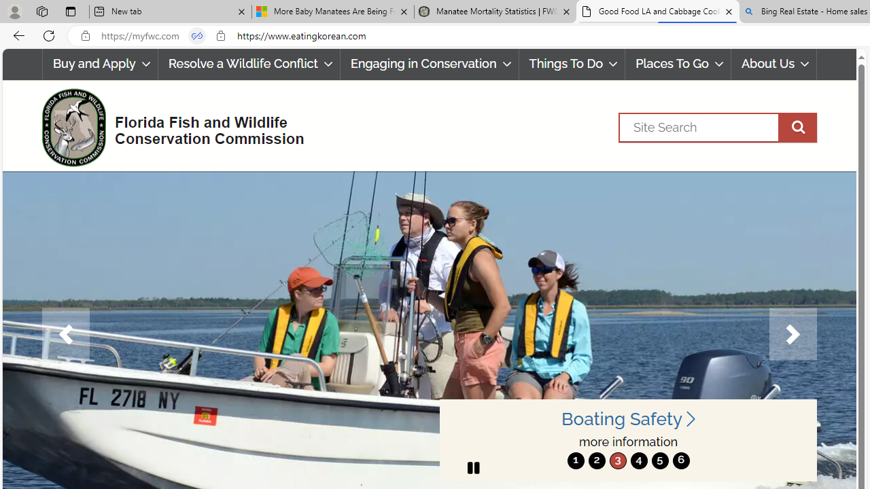  Describe the element at coordinates (797, 127) in the screenshot. I see `'execute site search'` at that location.